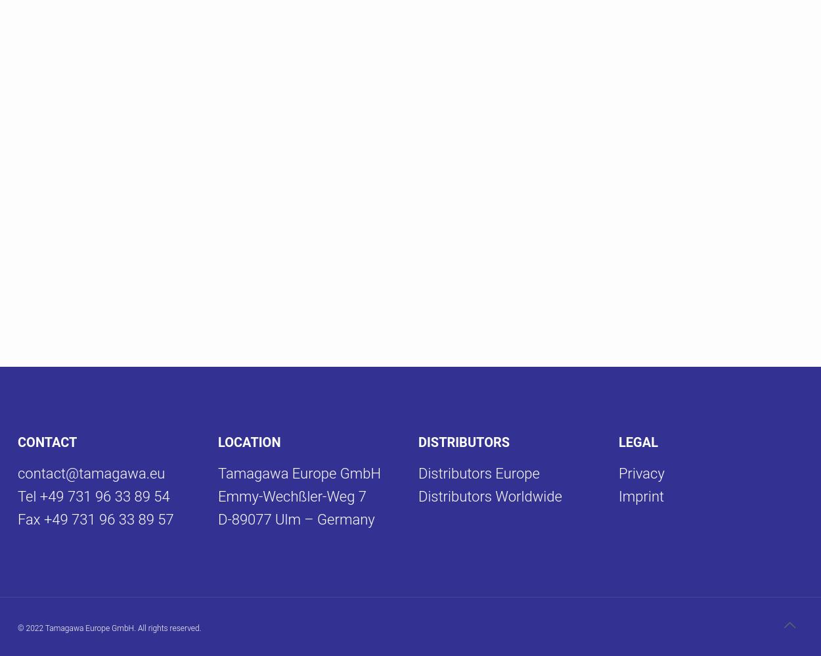 Image resolution: width=821 pixels, height=656 pixels. What do you see at coordinates (298, 473) in the screenshot?
I see `'Tamagawa Europe GmbH'` at bounding box center [298, 473].